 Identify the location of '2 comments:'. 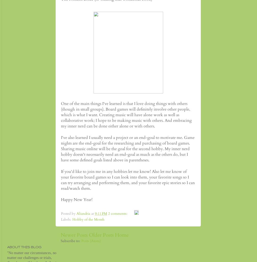
(118, 213).